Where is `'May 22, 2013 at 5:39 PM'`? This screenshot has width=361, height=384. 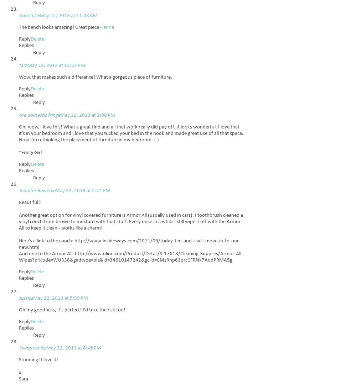
'May 22, 2013 at 5:39 PM' is located at coordinates (60, 298).